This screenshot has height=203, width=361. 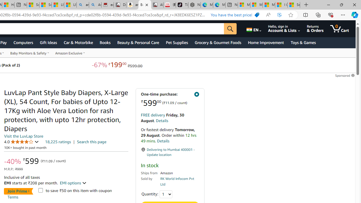 What do you see at coordinates (170, 152) in the screenshot?
I see `'Delivering to Mumbai 400001 - Update location'` at bounding box center [170, 152].